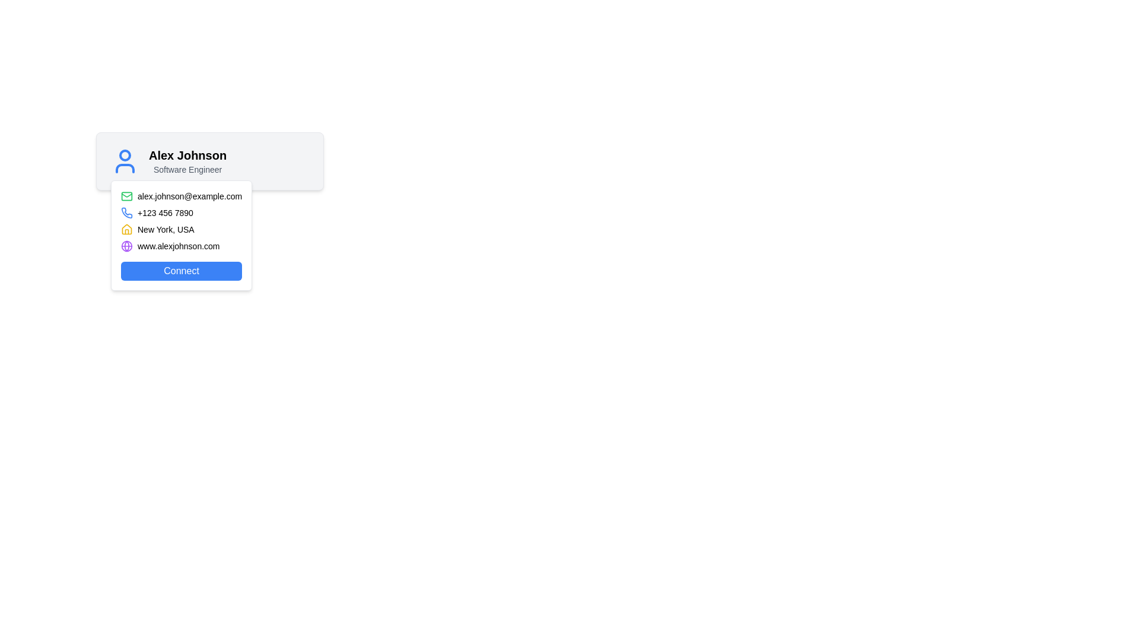 The width and height of the screenshot is (1139, 641). What do you see at coordinates (190, 196) in the screenshot?
I see `the email address 'alex.johnson@example.com' displayed in the contact information card, which is adjacent to a green envelope icon` at bounding box center [190, 196].